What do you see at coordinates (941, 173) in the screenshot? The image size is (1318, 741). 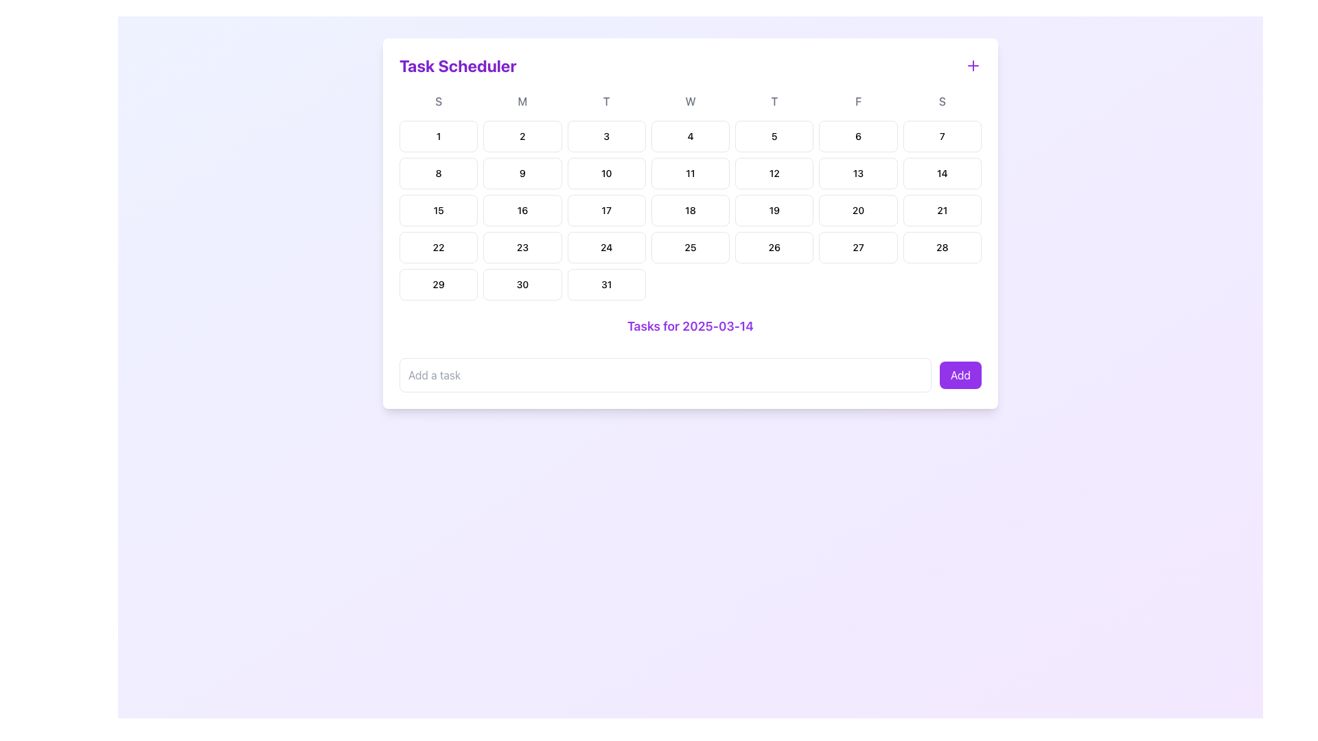 I see `the interactive calendar date button labeled '14'` at bounding box center [941, 173].